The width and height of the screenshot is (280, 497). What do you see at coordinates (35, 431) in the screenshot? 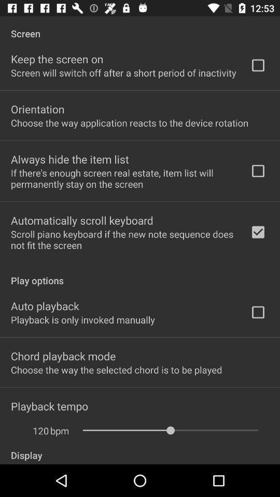
I see `icon next to the bpm app` at bounding box center [35, 431].